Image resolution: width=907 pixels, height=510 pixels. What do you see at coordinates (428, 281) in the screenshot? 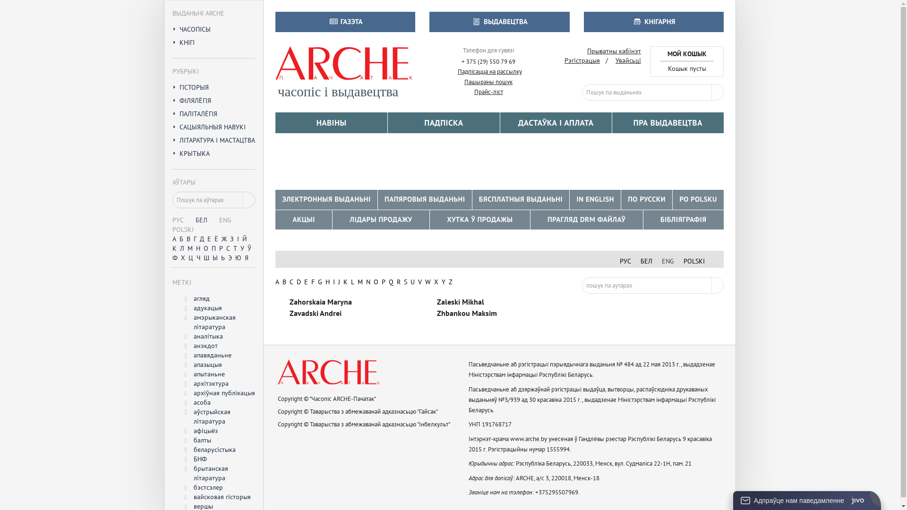
I see `'W'` at bounding box center [428, 281].